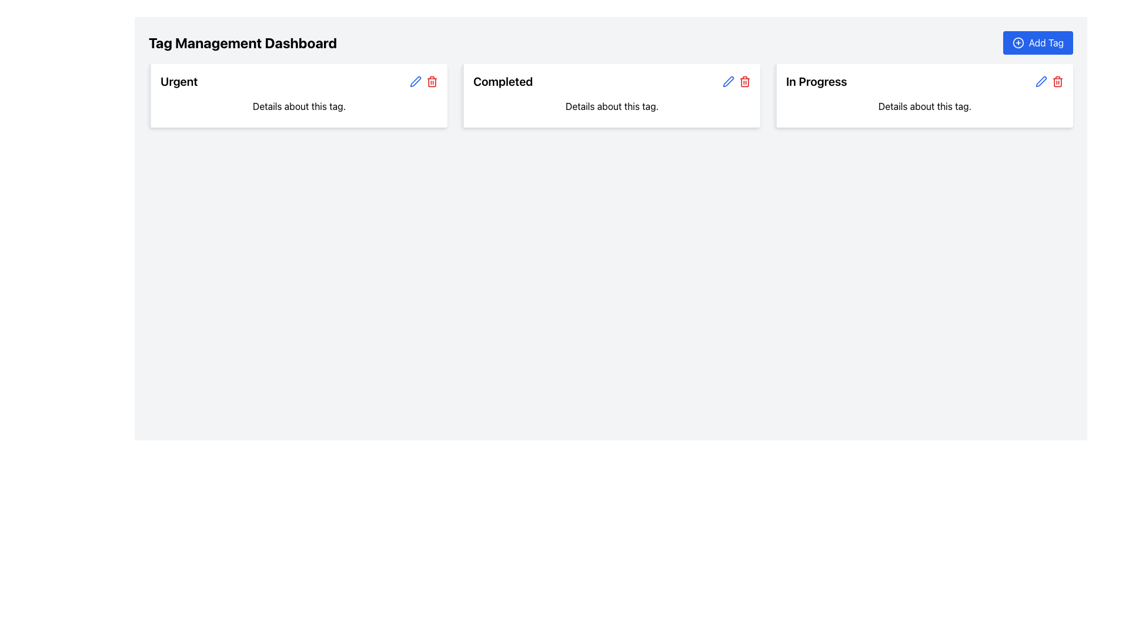  I want to click on text label providing details about the 'Completed' status located below the 'Completed' heading in the middle card of the dashboard, so click(612, 106).